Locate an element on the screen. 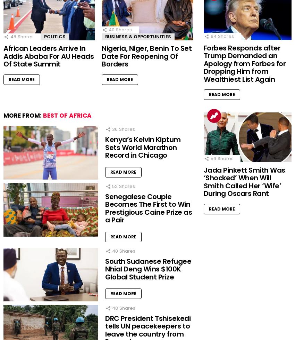 This screenshot has width=295, height=340. 'More From:' is located at coordinates (23, 115).